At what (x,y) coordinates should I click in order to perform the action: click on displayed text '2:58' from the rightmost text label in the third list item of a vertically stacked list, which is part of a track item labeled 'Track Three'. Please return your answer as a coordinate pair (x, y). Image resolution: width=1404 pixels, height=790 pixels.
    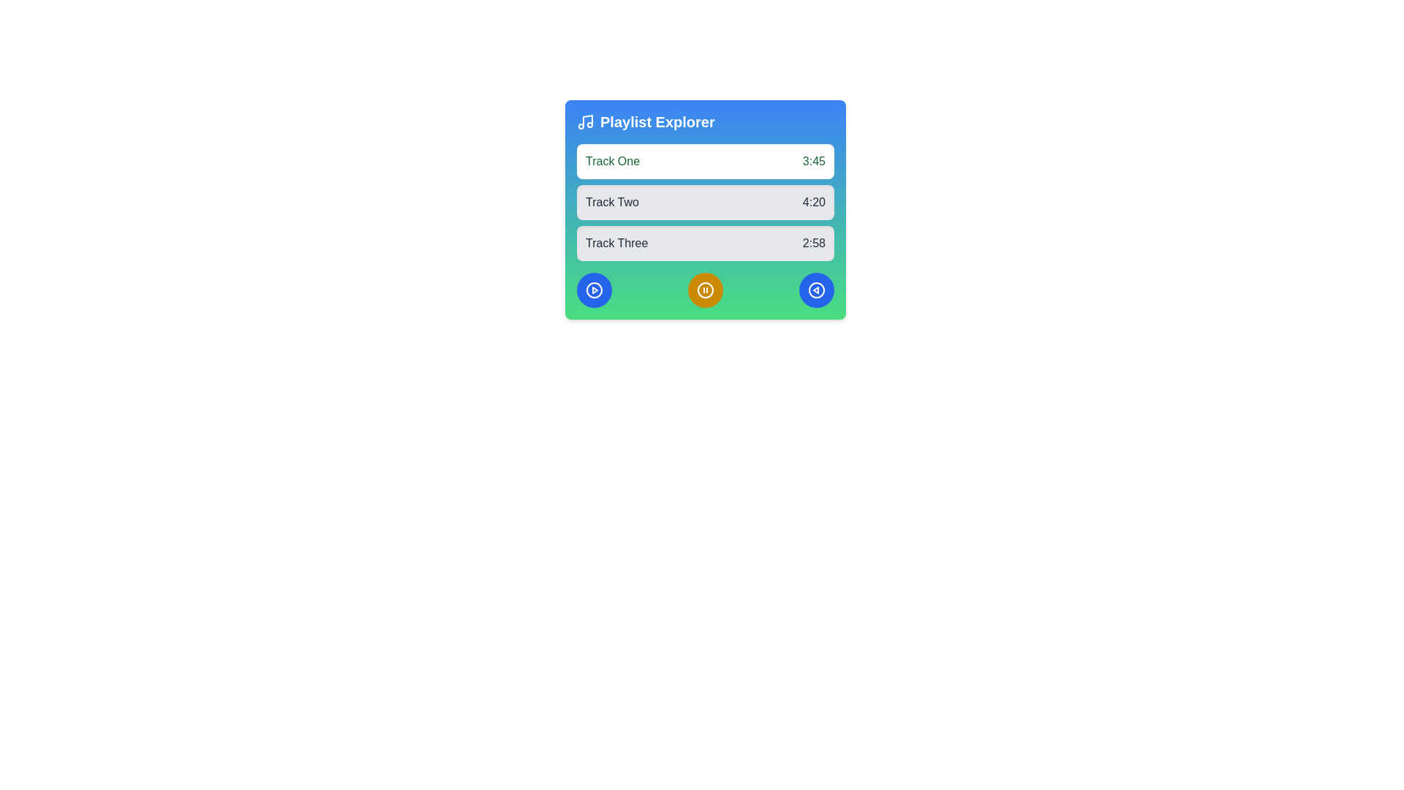
    Looking at the image, I should click on (813, 242).